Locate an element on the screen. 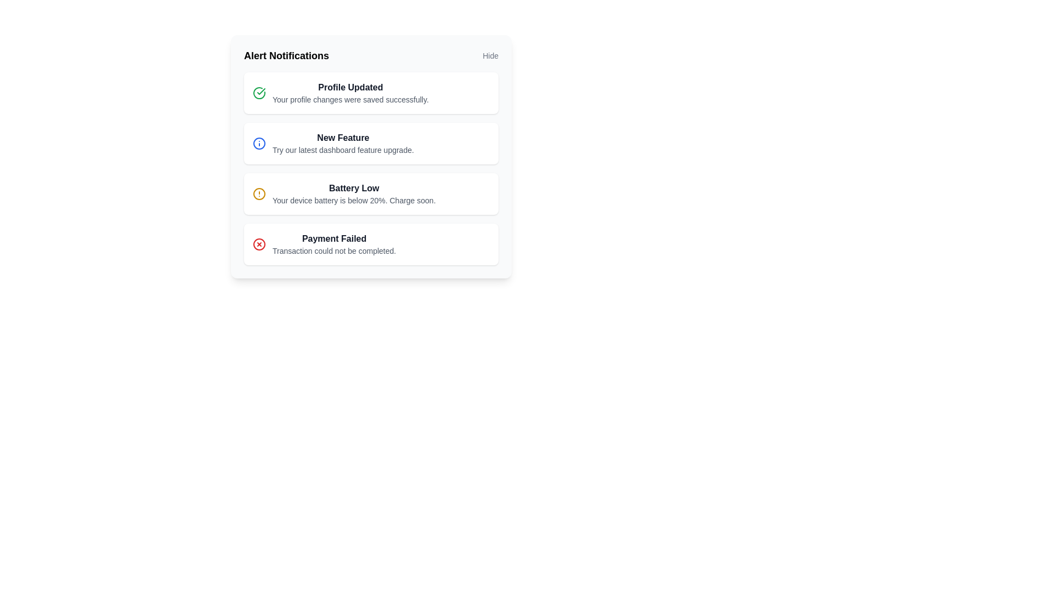 The height and width of the screenshot is (592, 1053). the text element stating 'Your profile changes were saved successfully', which is located below the 'Profile Updated' title in the notification card is located at coordinates (350, 99).